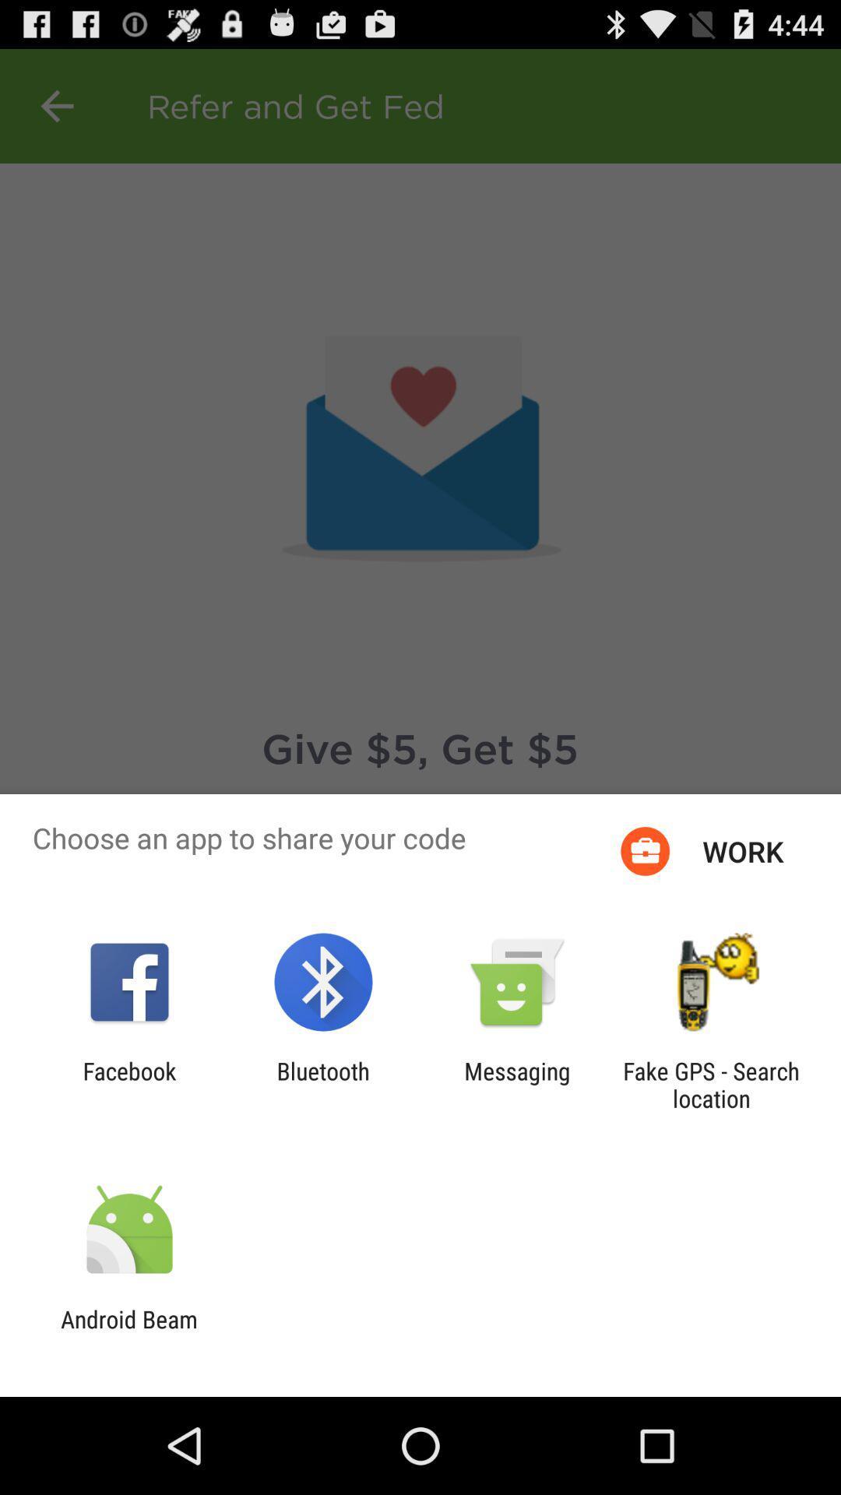 This screenshot has height=1495, width=841. What do you see at coordinates (322, 1084) in the screenshot?
I see `app next to facebook` at bounding box center [322, 1084].